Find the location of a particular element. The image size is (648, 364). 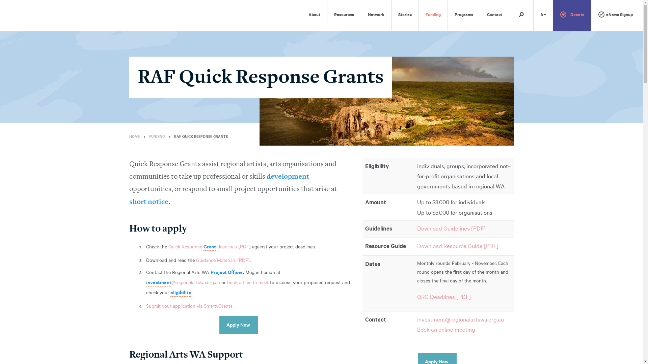

'Contact' is located at coordinates (494, 15).